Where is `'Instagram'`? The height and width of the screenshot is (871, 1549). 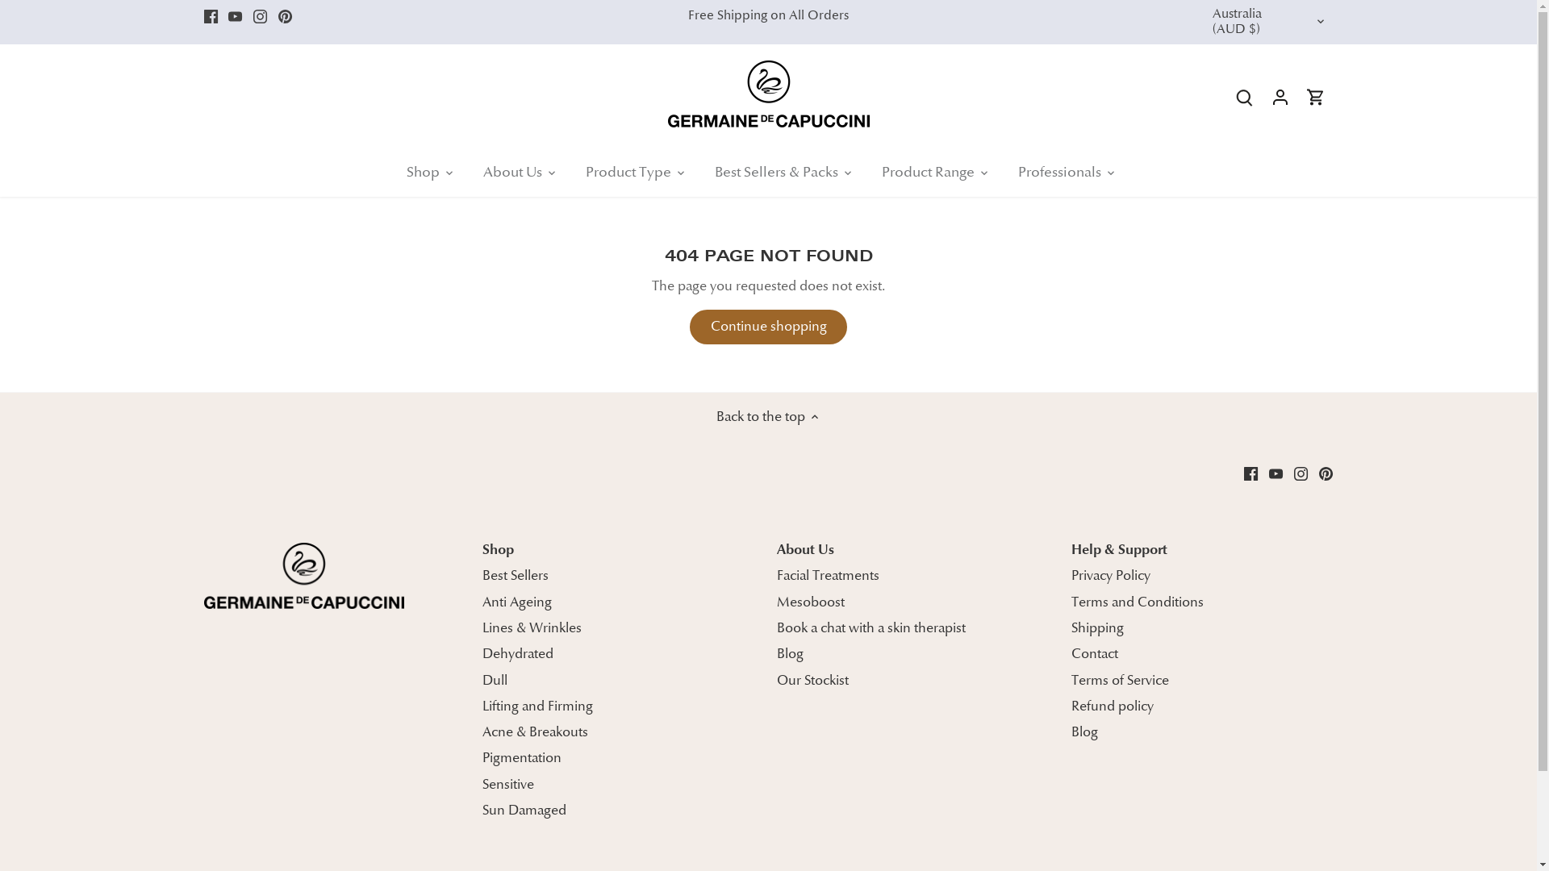
'Instagram' is located at coordinates (260, 15).